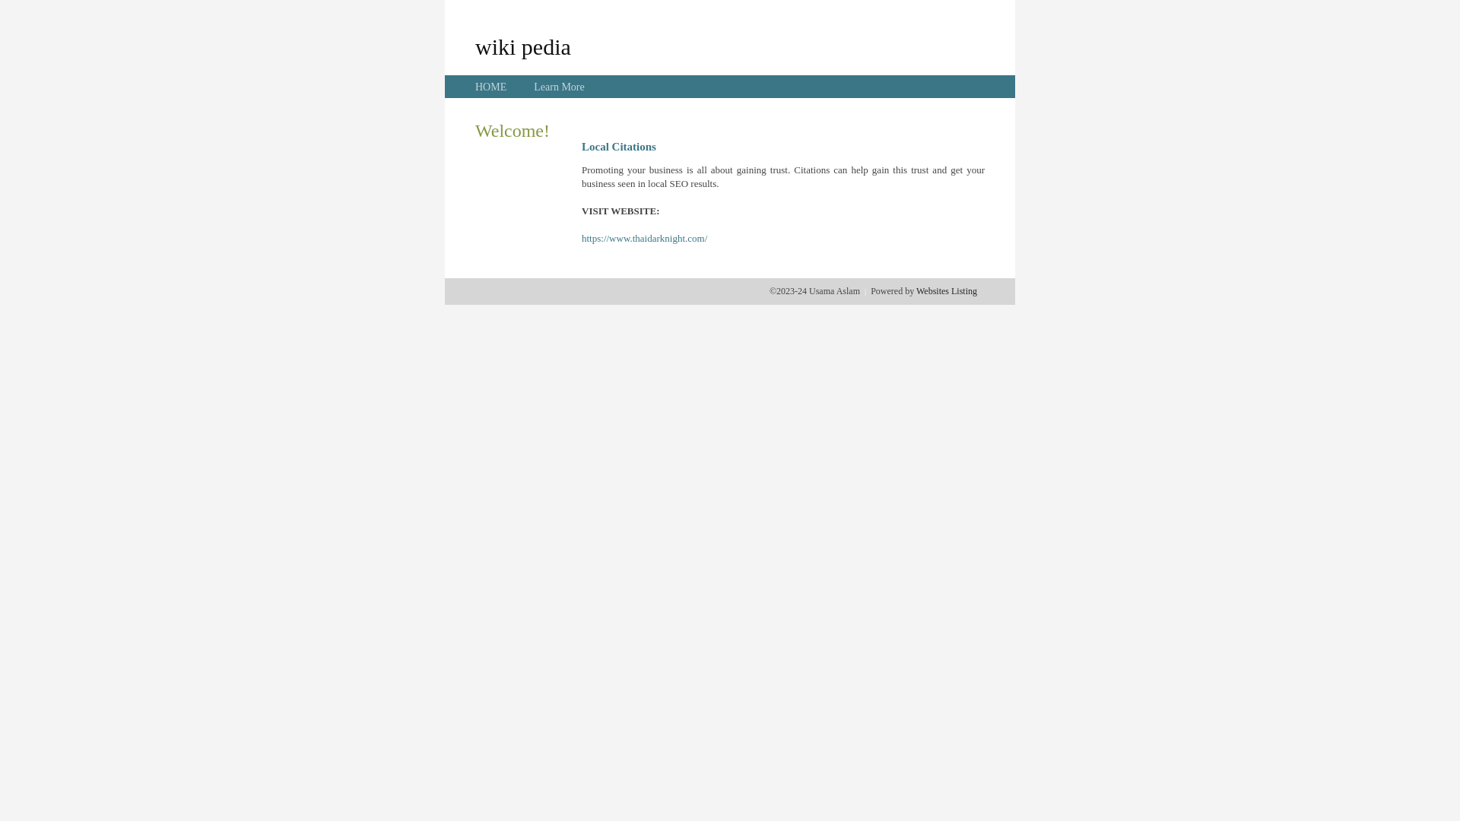 The width and height of the screenshot is (1460, 821). What do you see at coordinates (522, 46) in the screenshot?
I see `'wiki pedia'` at bounding box center [522, 46].